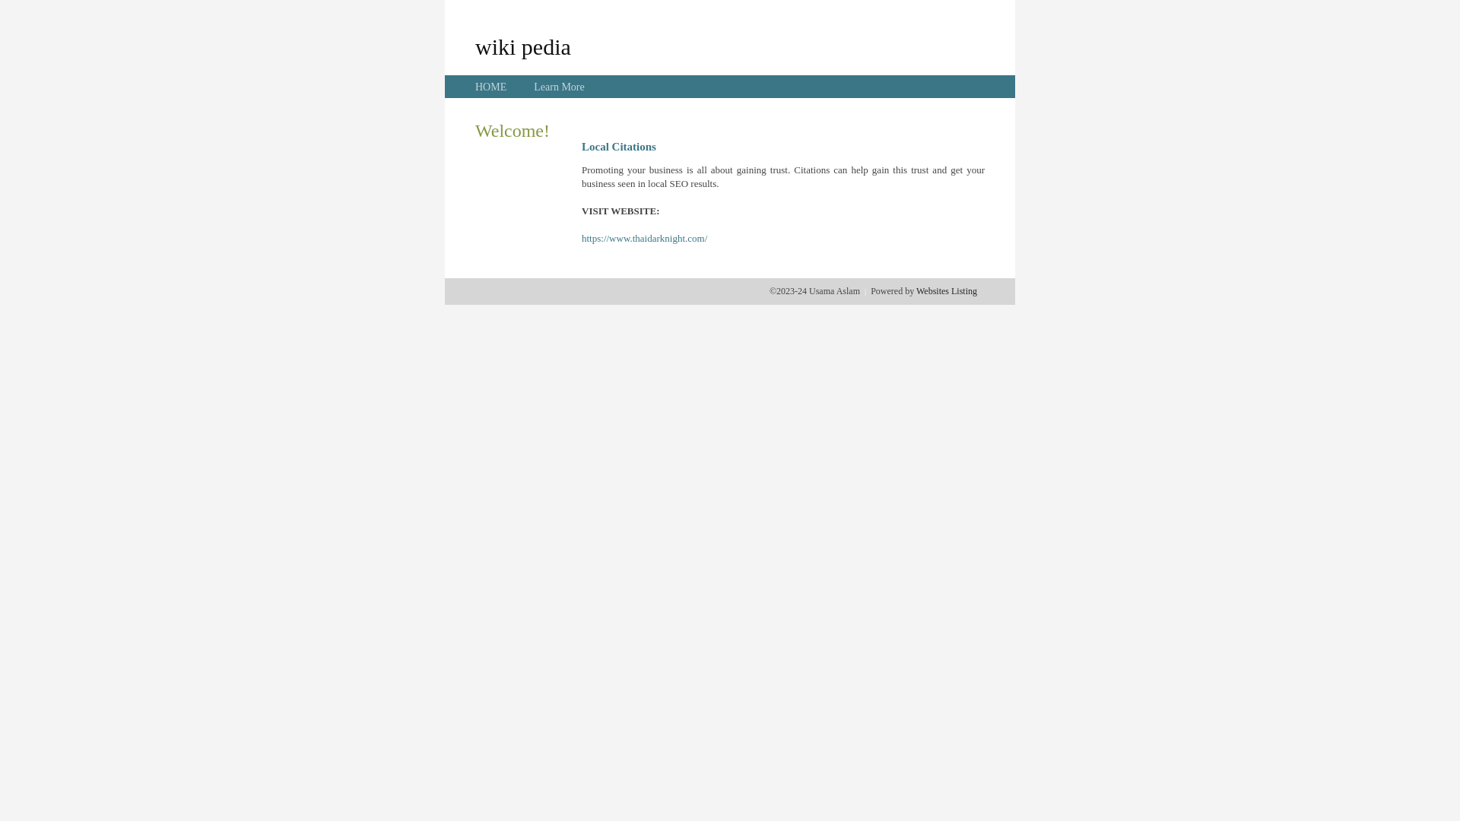 The width and height of the screenshot is (1460, 821). What do you see at coordinates (522, 46) in the screenshot?
I see `'wiki pedia'` at bounding box center [522, 46].